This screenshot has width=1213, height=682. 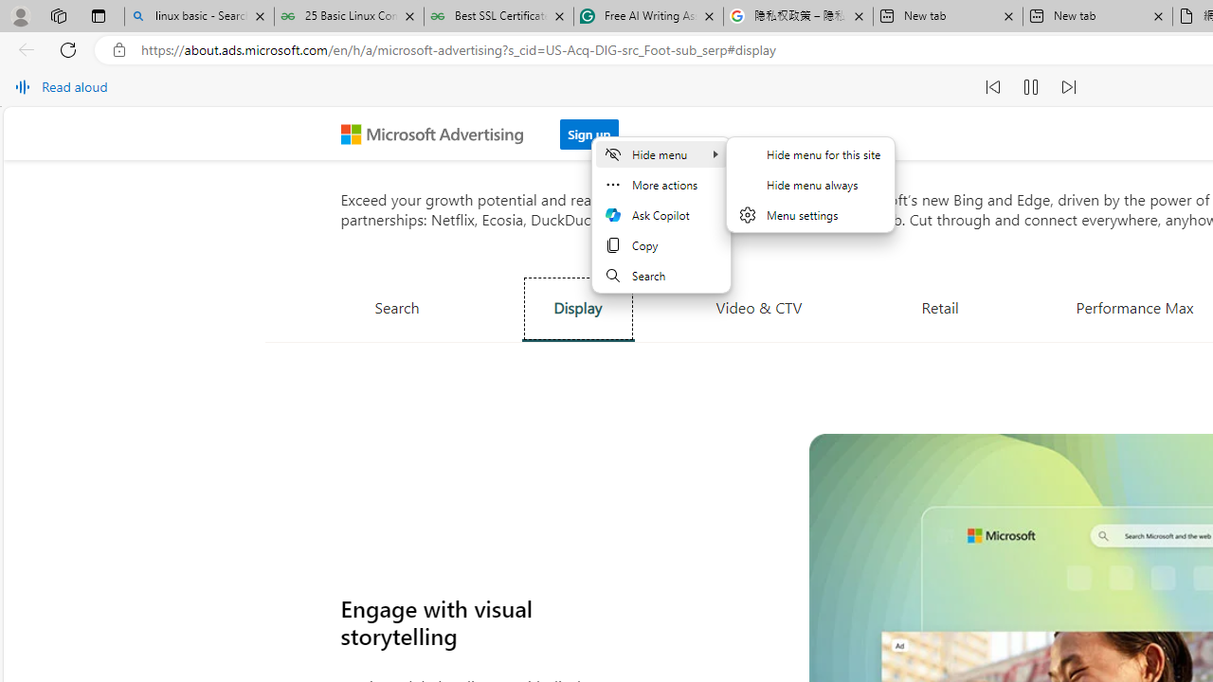 I want to click on 'Ask Copilot', so click(x=661, y=214).